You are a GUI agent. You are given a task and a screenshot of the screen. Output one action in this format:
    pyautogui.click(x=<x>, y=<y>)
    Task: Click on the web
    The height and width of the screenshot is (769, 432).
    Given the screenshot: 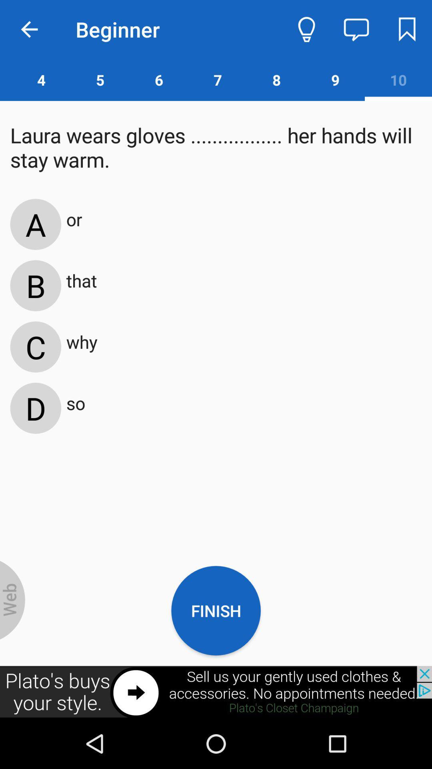 What is the action you would take?
    pyautogui.click(x=12, y=600)
    